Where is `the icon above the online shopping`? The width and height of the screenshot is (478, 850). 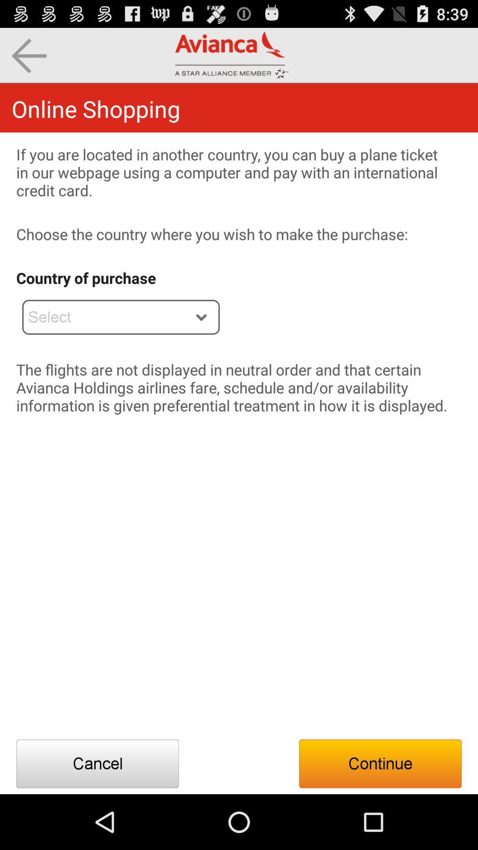 the icon above the online shopping is located at coordinates (28, 55).